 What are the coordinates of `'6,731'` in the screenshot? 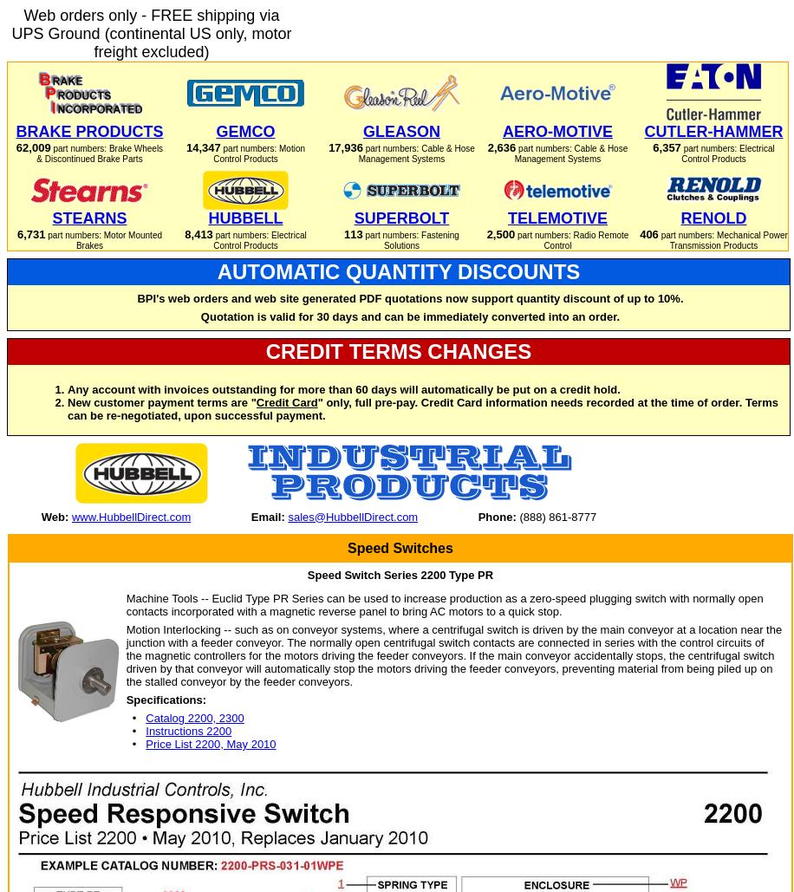 It's located at (30, 233).